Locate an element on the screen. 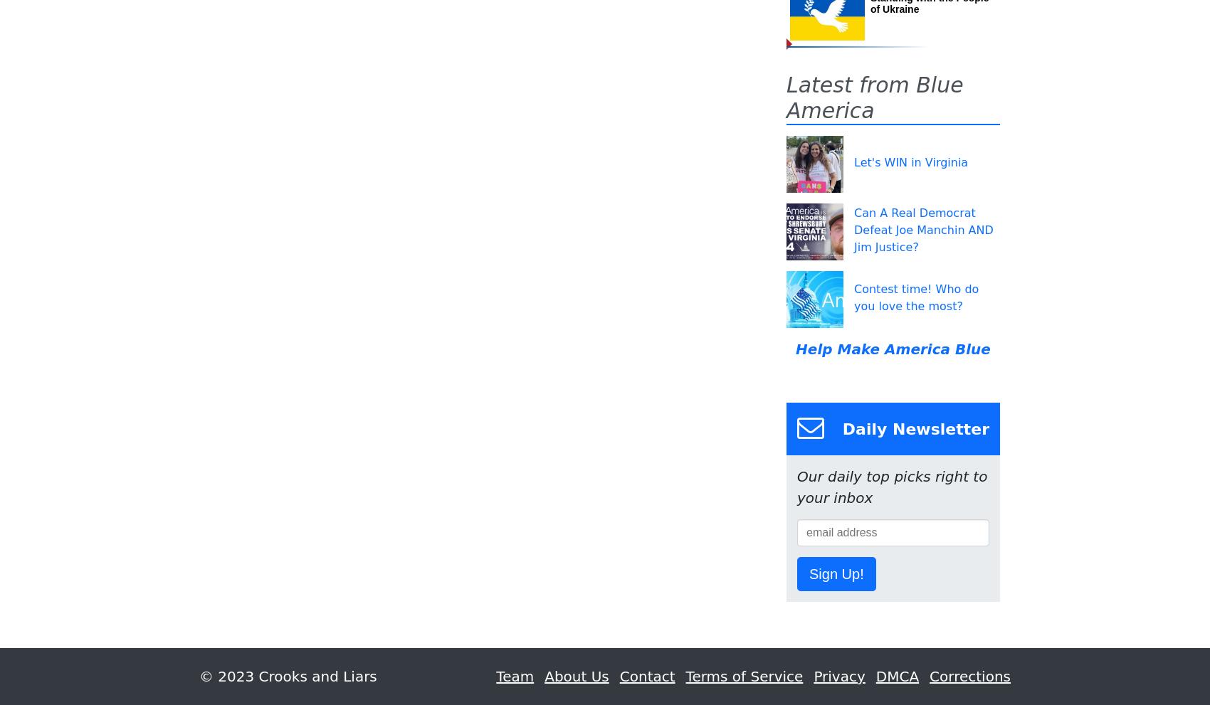  'Contact' is located at coordinates (646, 676).